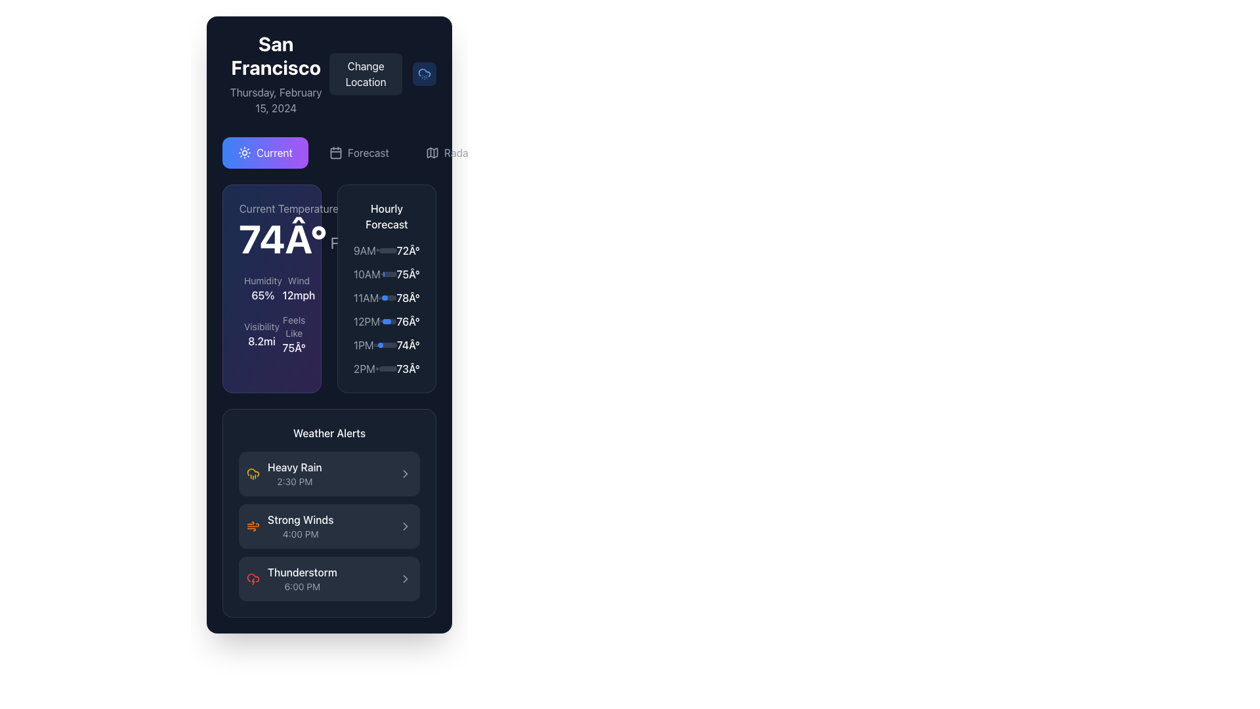 This screenshot has width=1260, height=709. I want to click on the composite element containing location details ('San Francisco'), the current date ('Thursday, February 15, 2024'), and the modify location button, so click(329, 74).